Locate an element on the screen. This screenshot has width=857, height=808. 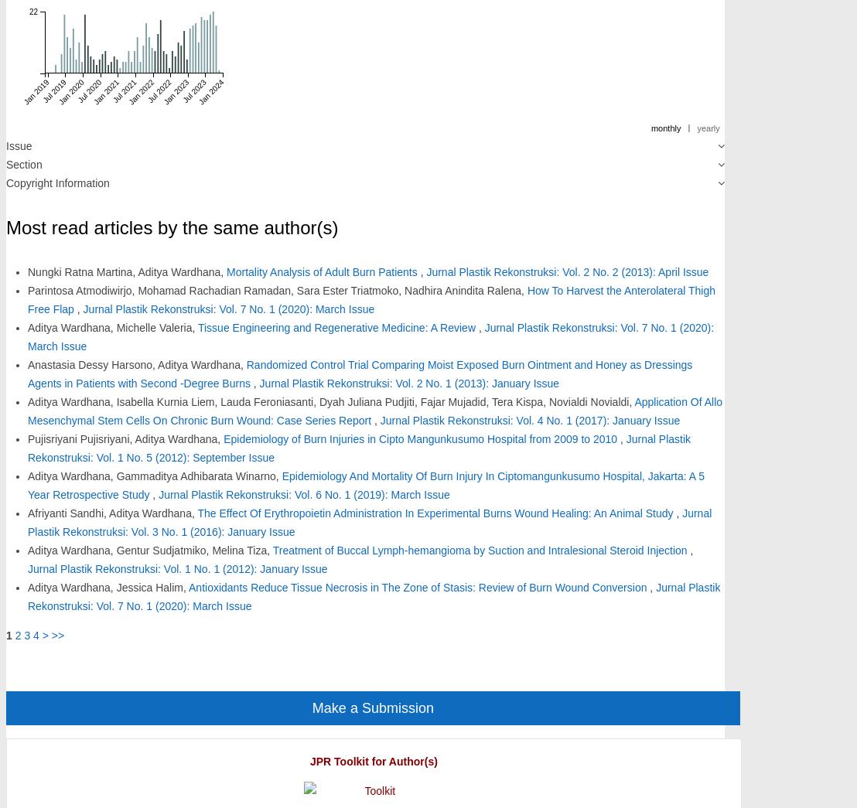
'Jul 2021' is located at coordinates (123, 90).